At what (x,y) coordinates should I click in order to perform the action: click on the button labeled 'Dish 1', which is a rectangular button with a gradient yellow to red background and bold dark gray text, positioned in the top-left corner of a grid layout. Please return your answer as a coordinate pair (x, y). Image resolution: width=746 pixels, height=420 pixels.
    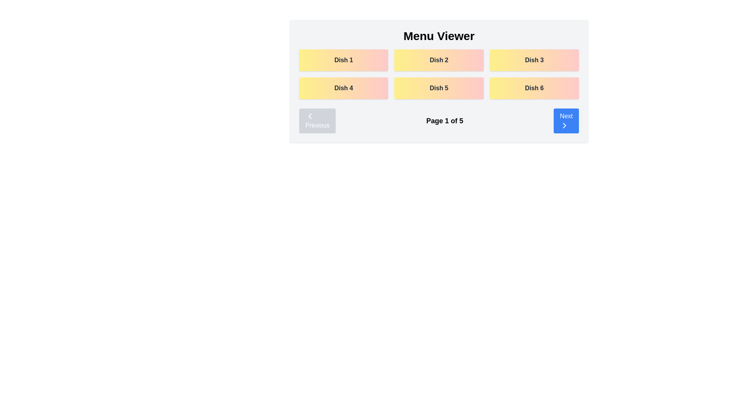
    Looking at the image, I should click on (343, 59).